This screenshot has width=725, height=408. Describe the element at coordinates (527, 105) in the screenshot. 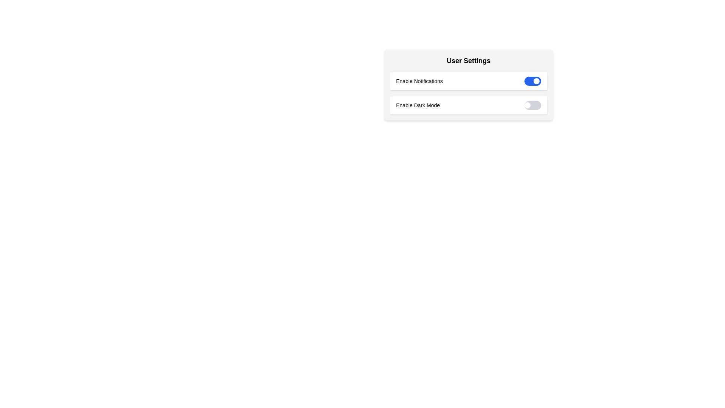

I see `the toggle switch knob for 'Enable Dark Mode', which is a small circular knob located inside a light gray track, currently positioned to the left indicating 'off'` at that location.